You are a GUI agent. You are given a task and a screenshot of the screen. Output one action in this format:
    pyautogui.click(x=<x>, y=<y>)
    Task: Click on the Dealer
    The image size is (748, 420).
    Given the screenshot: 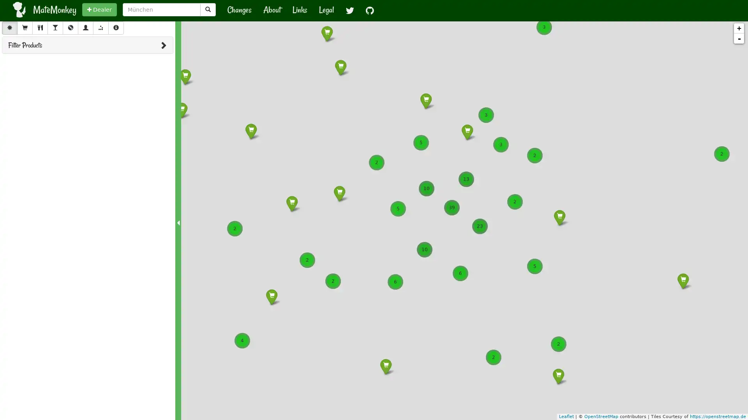 What is the action you would take?
    pyautogui.click(x=99, y=9)
    